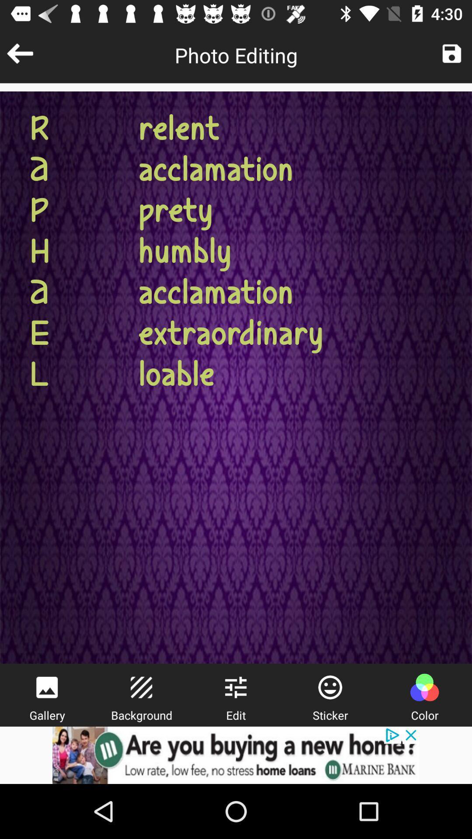  Describe the element at coordinates (20, 53) in the screenshot. I see `go back` at that location.